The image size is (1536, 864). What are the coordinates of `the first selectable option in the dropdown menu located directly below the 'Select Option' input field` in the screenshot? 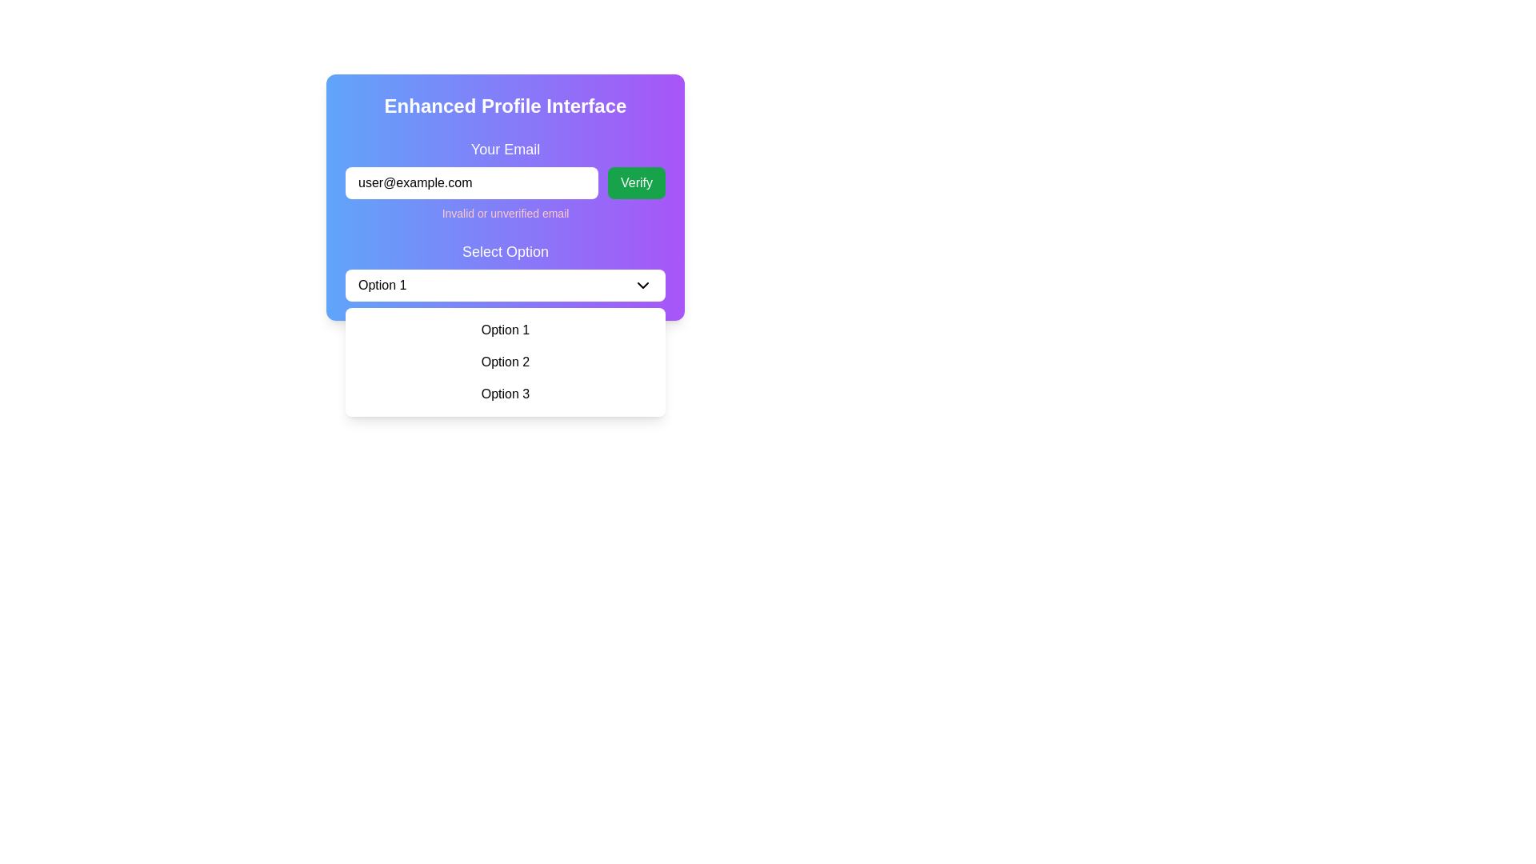 It's located at (505, 329).